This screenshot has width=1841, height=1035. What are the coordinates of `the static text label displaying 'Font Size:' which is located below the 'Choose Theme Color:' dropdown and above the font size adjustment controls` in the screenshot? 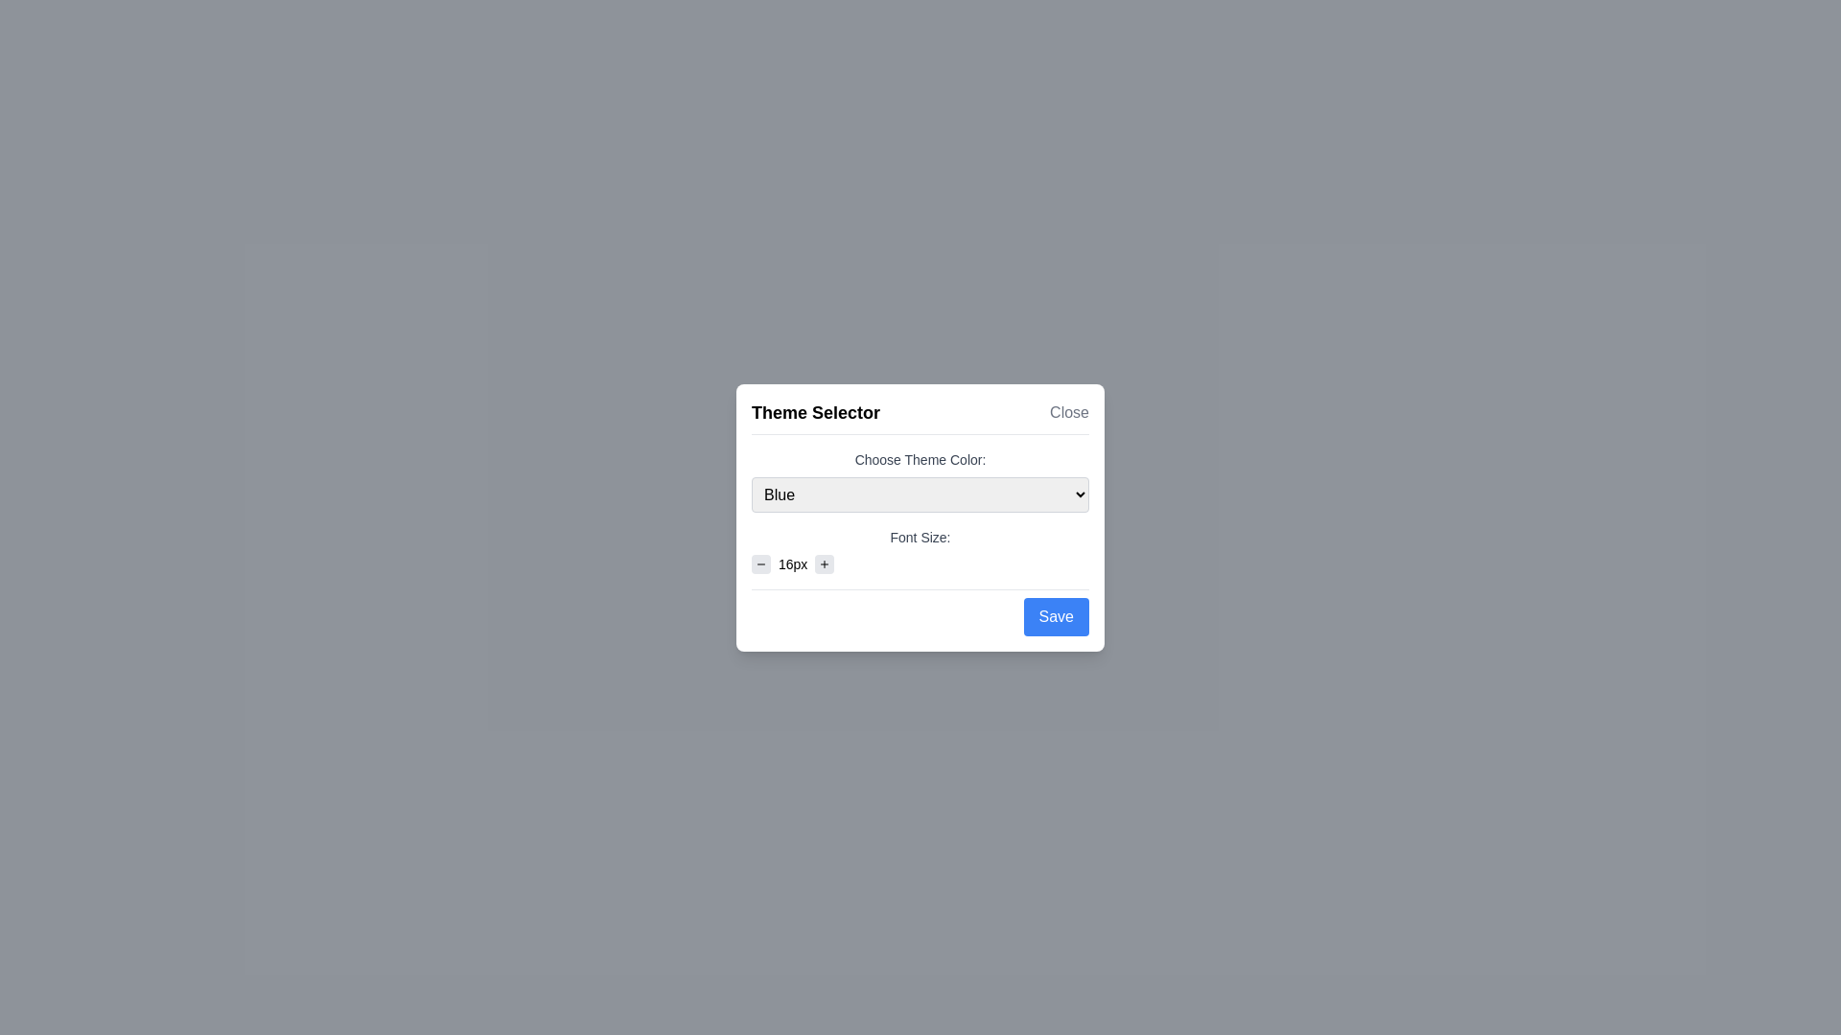 It's located at (920, 536).